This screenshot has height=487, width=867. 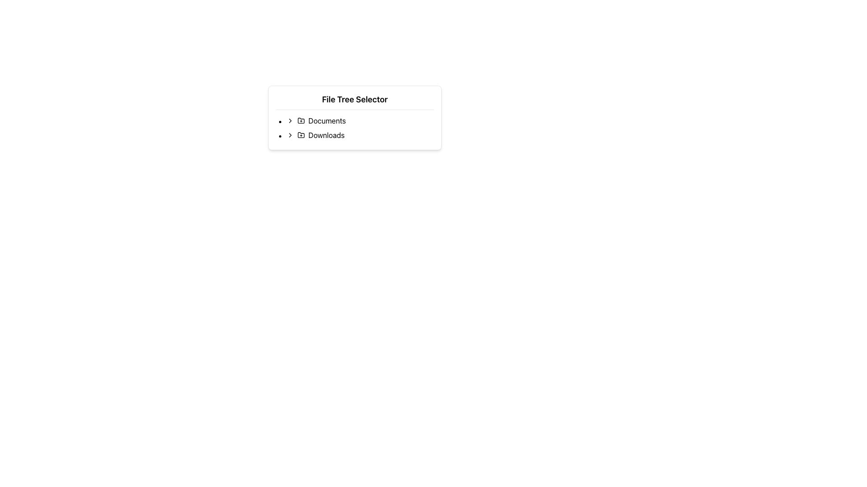 I want to click on the second item in the file tree structure, labeled 'Downloads', so click(x=359, y=135).